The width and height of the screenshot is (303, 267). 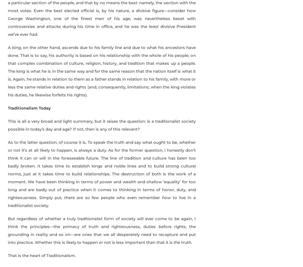 What do you see at coordinates (166, 197) in the screenshot?
I see `'how'` at bounding box center [166, 197].